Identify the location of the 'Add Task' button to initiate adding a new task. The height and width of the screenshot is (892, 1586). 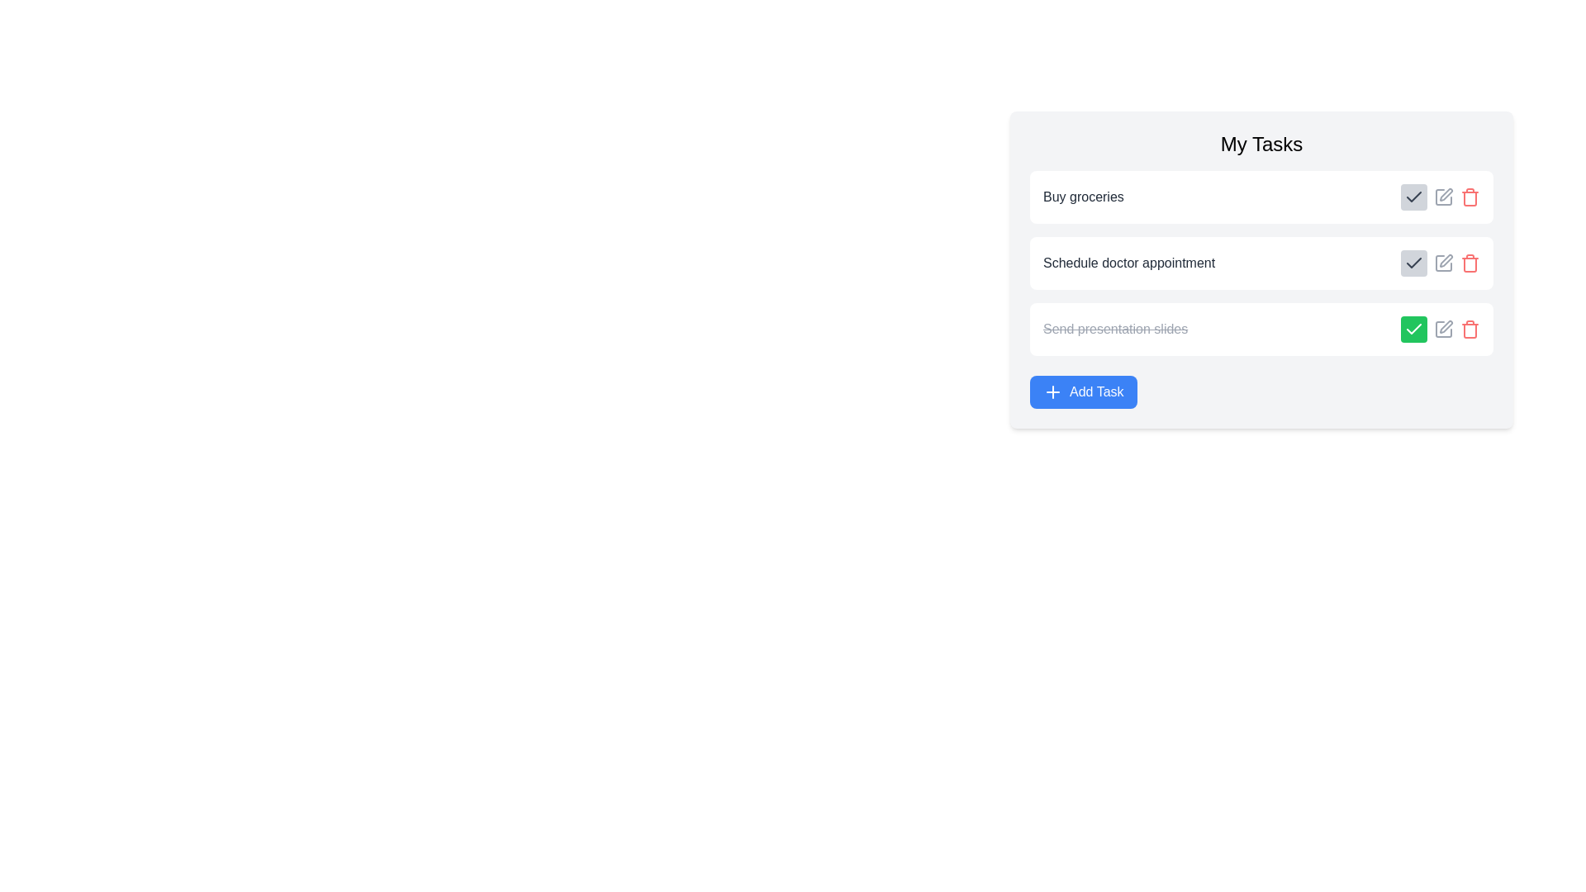
(1082, 391).